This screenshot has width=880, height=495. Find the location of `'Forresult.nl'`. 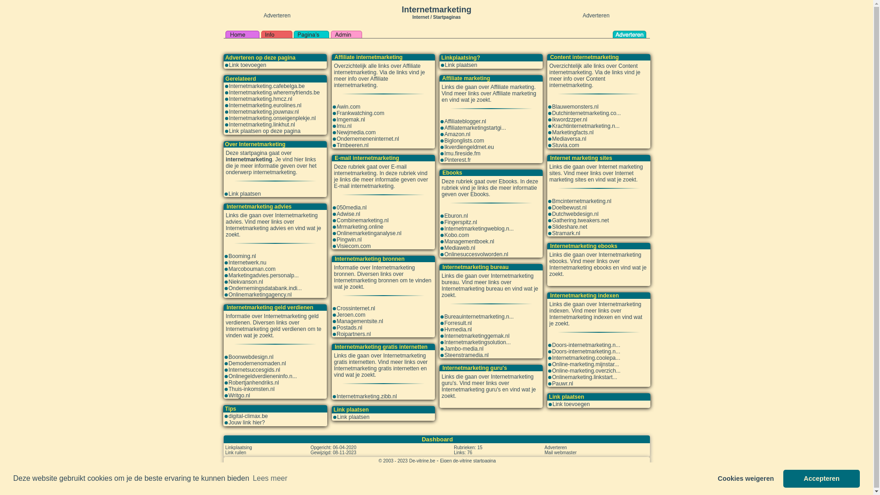

'Forresult.nl' is located at coordinates (458, 323).